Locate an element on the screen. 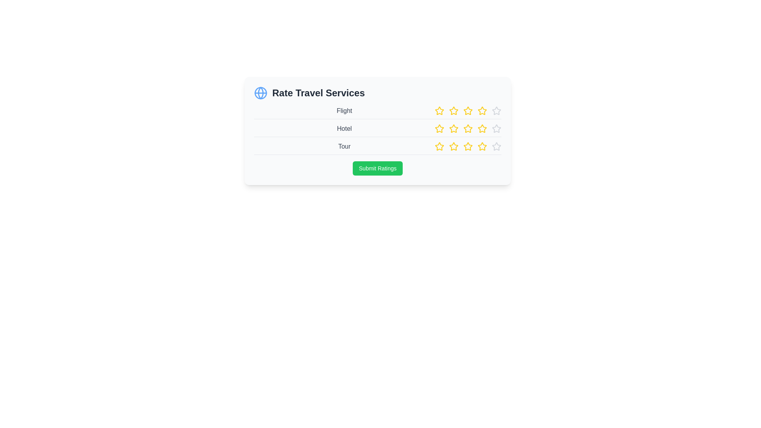 Image resolution: width=761 pixels, height=428 pixels. the button used is located at coordinates (377, 168).